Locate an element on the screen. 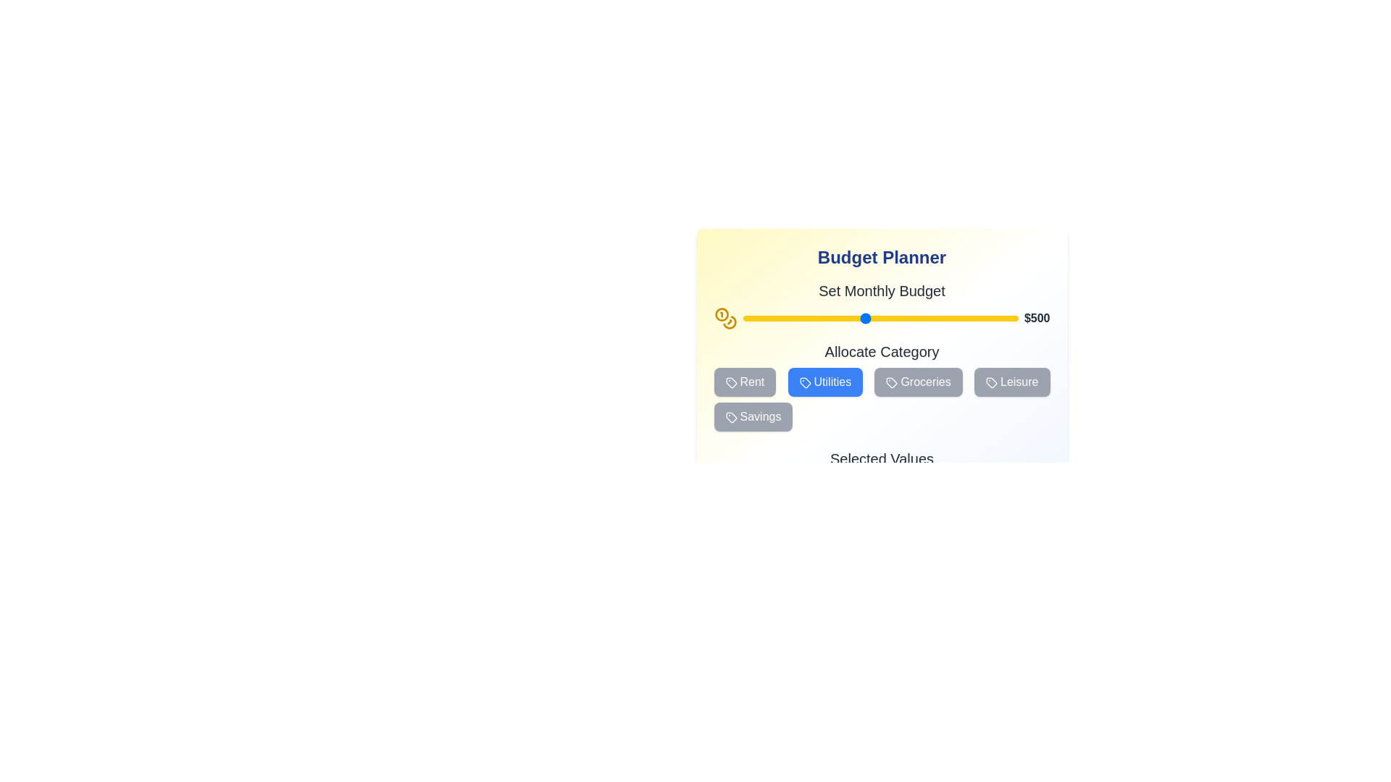  the slider is located at coordinates (764, 317).